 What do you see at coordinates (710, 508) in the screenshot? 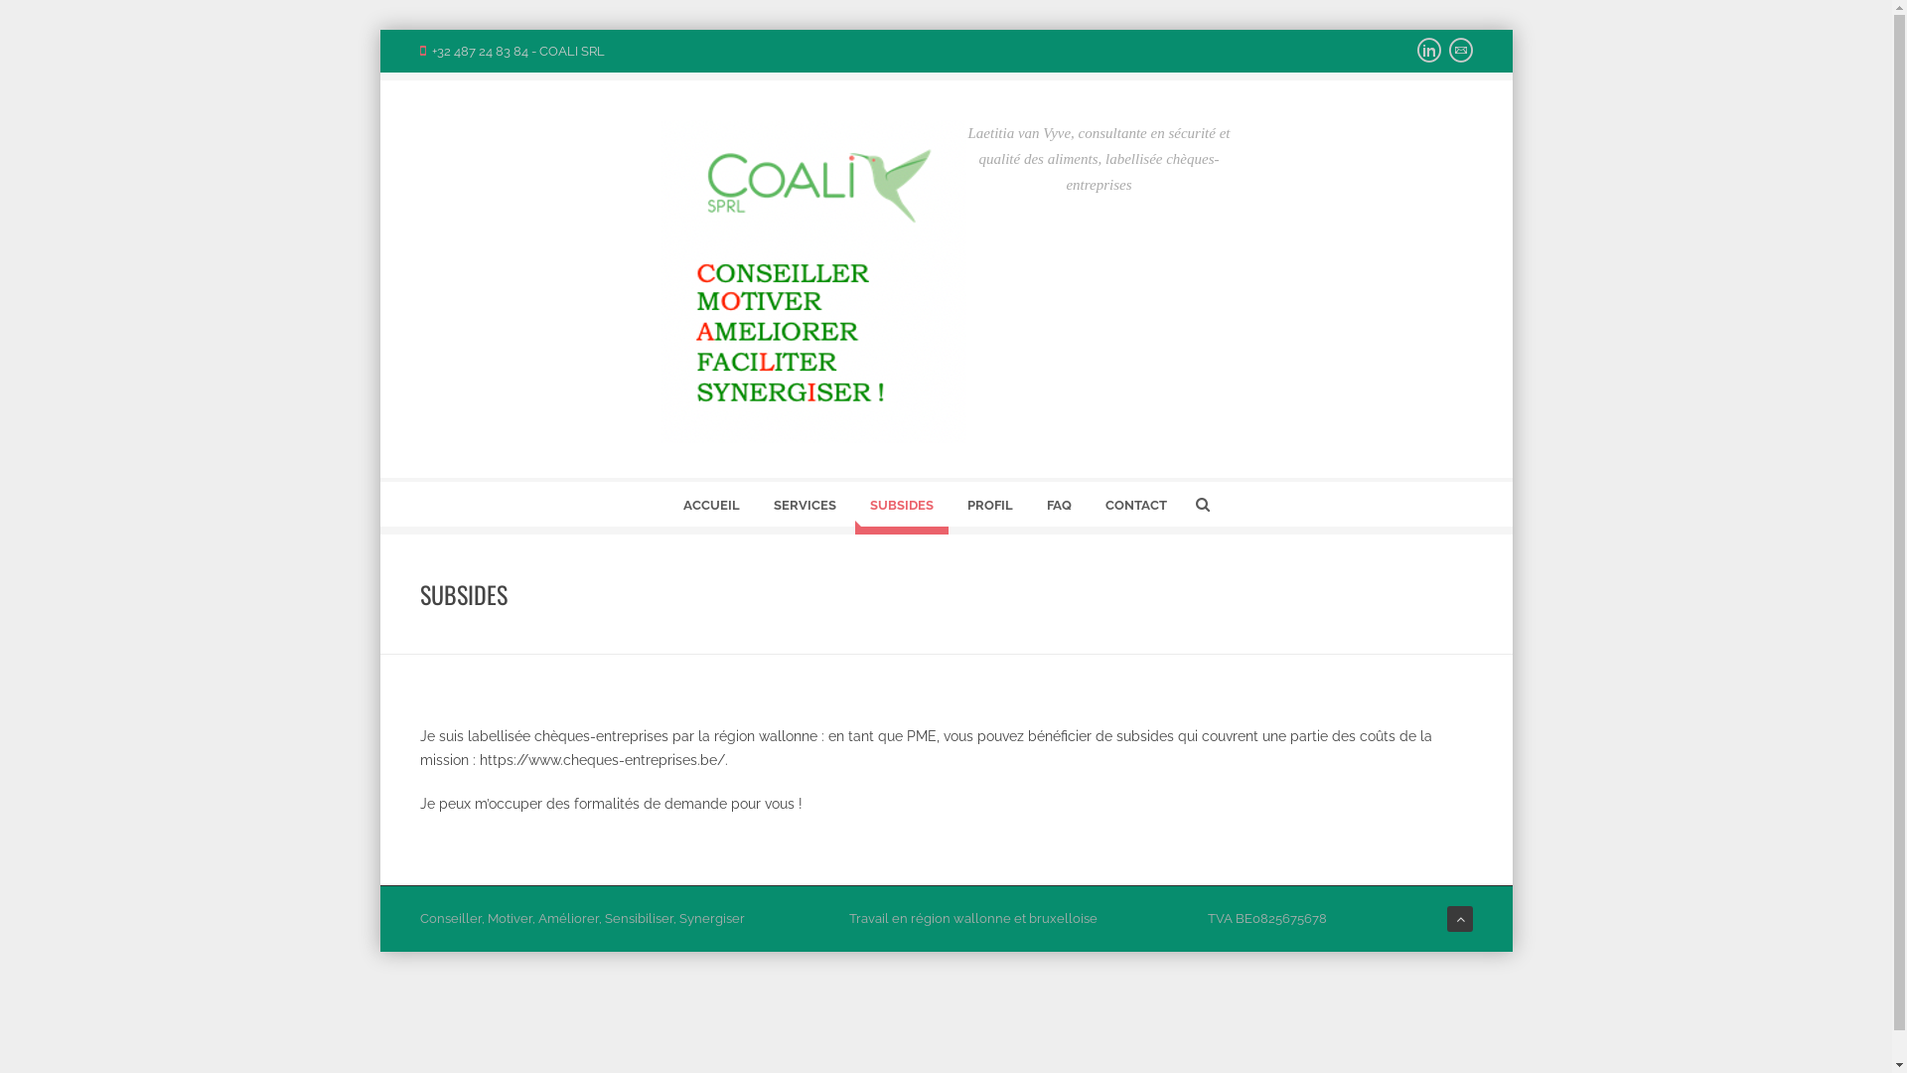
I see `'ACCUEIL'` at bounding box center [710, 508].